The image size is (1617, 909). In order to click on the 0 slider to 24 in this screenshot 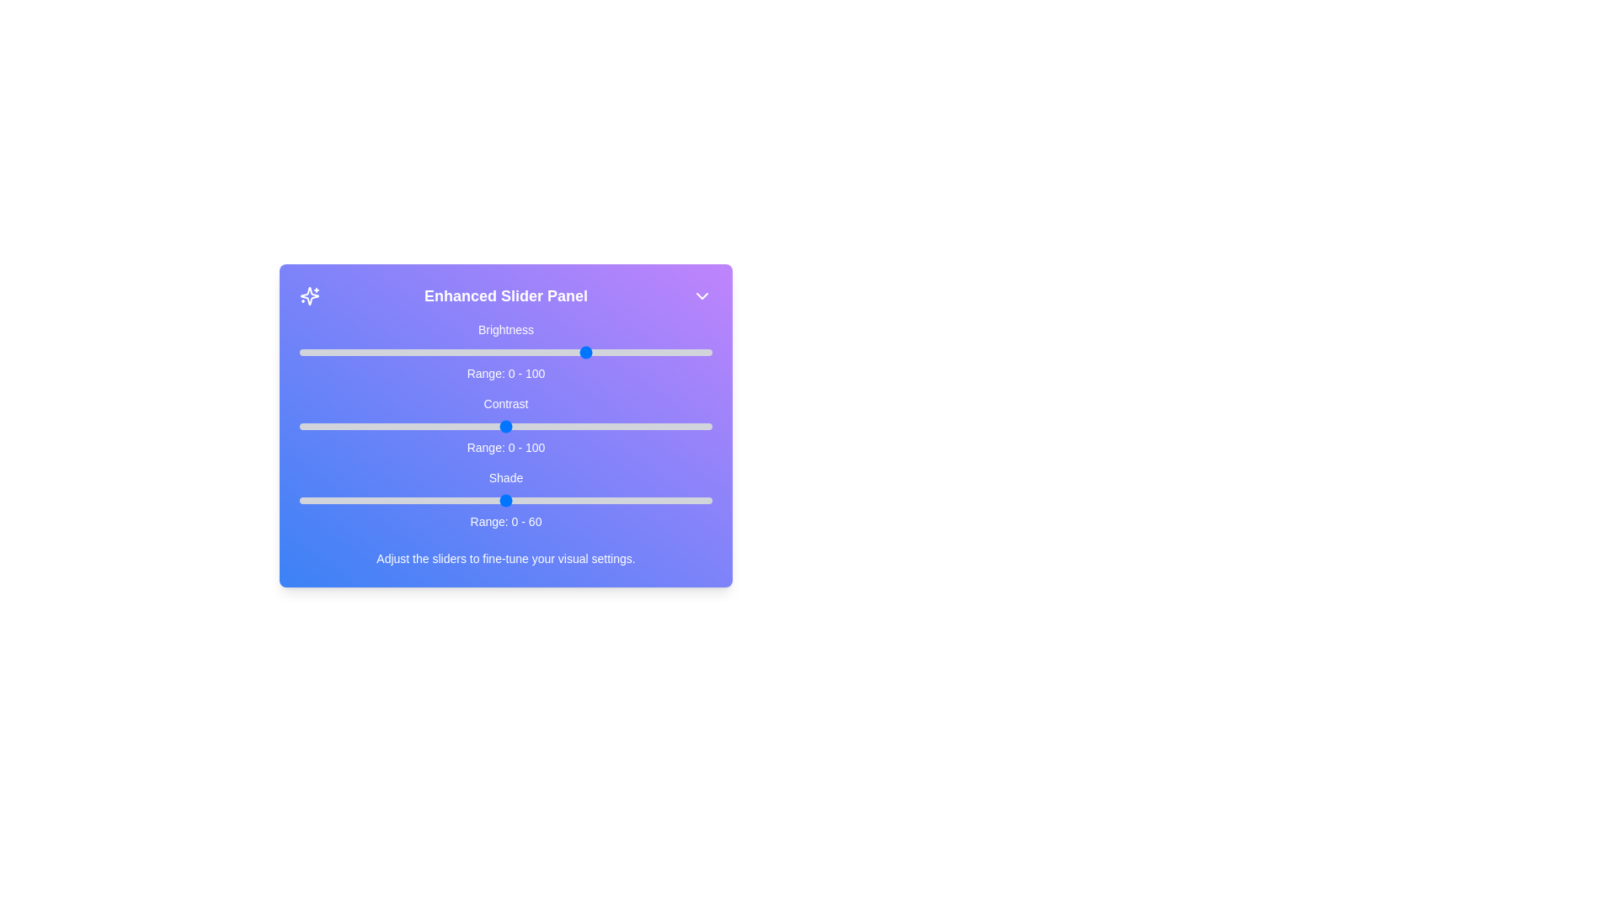, I will do `click(398, 352)`.